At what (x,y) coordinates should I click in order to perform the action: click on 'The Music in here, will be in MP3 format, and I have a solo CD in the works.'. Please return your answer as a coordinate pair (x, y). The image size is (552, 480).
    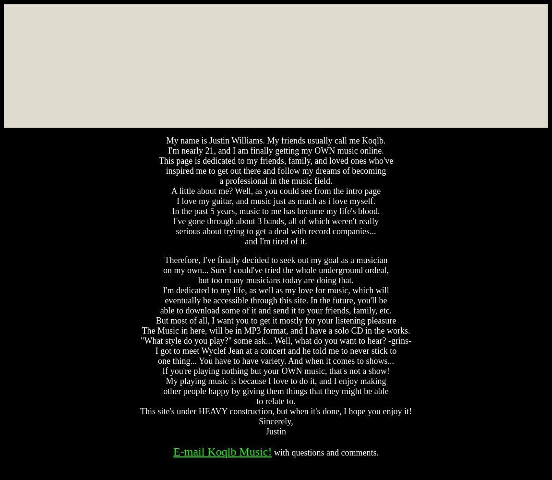
    Looking at the image, I should click on (276, 330).